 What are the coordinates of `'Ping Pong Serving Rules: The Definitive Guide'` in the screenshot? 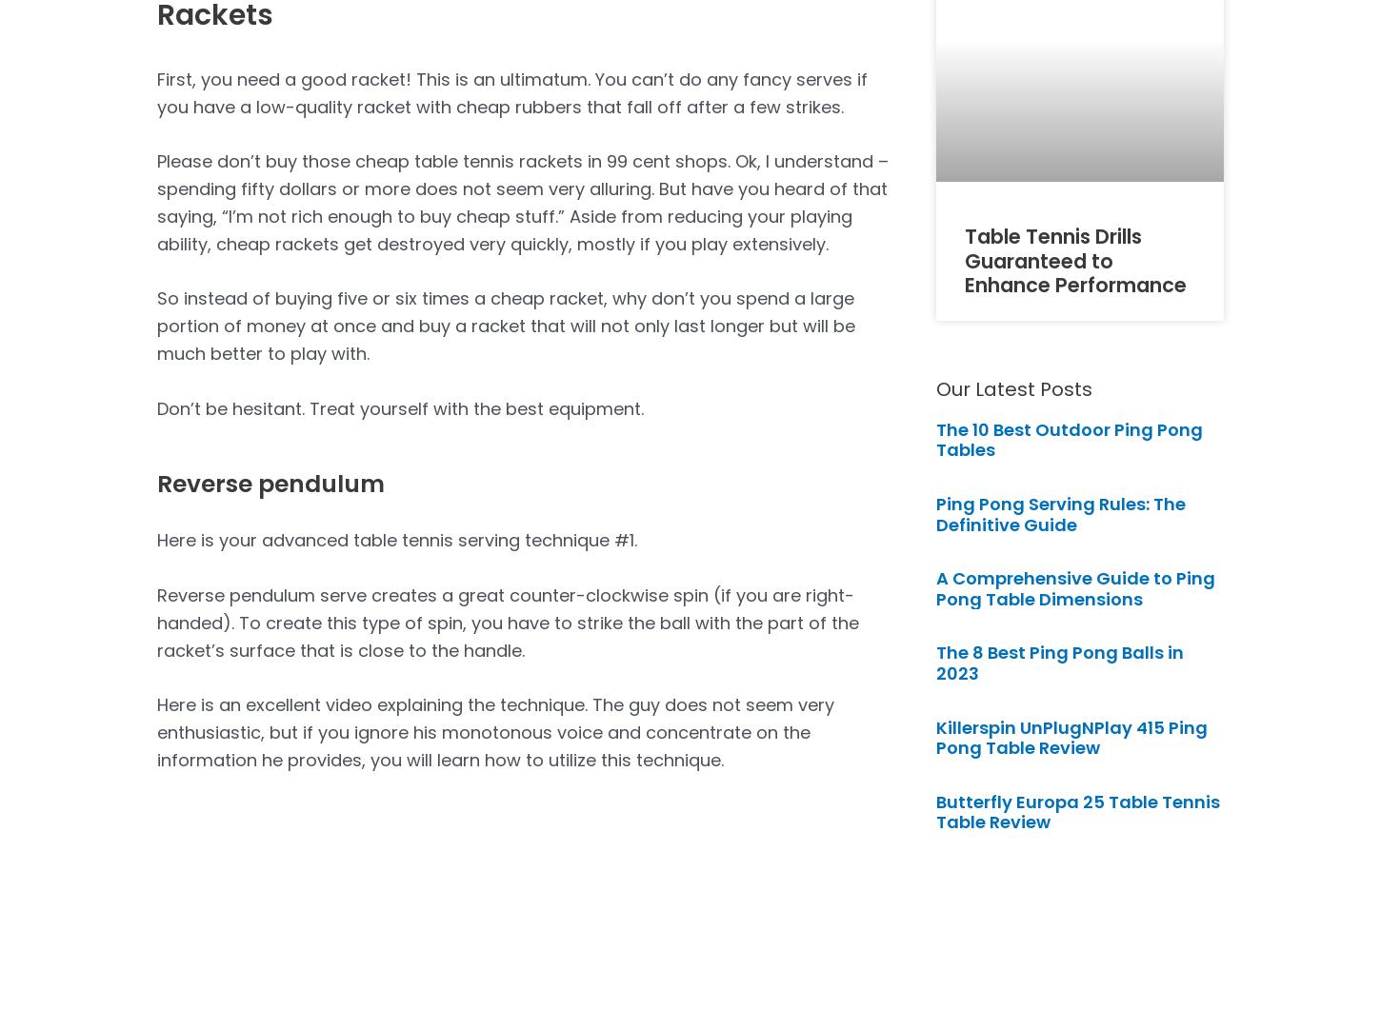 It's located at (1060, 513).